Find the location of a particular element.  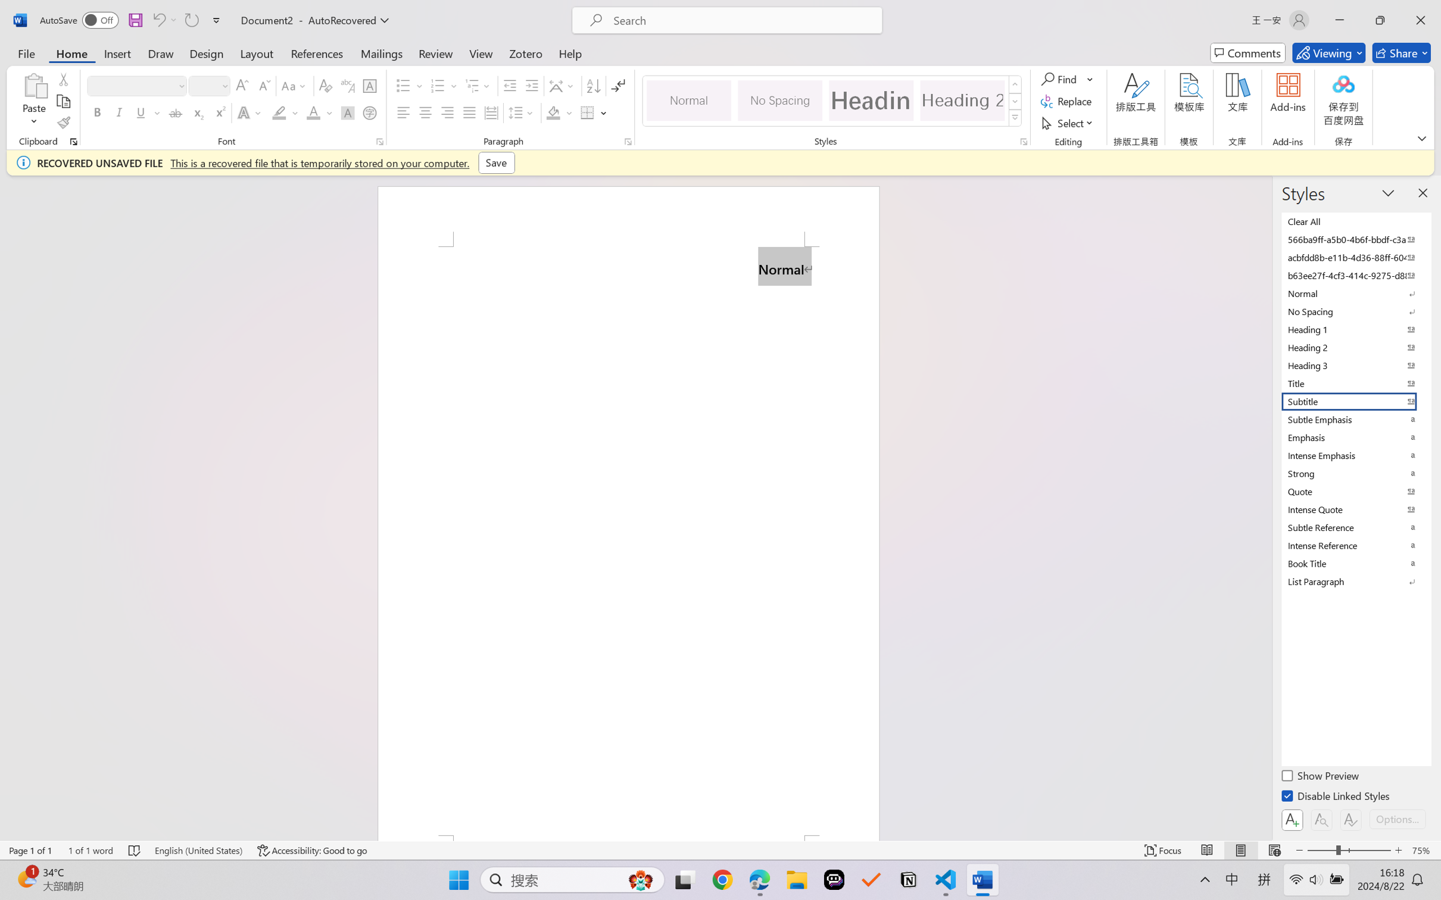

'Show Preview' is located at coordinates (1321, 777).